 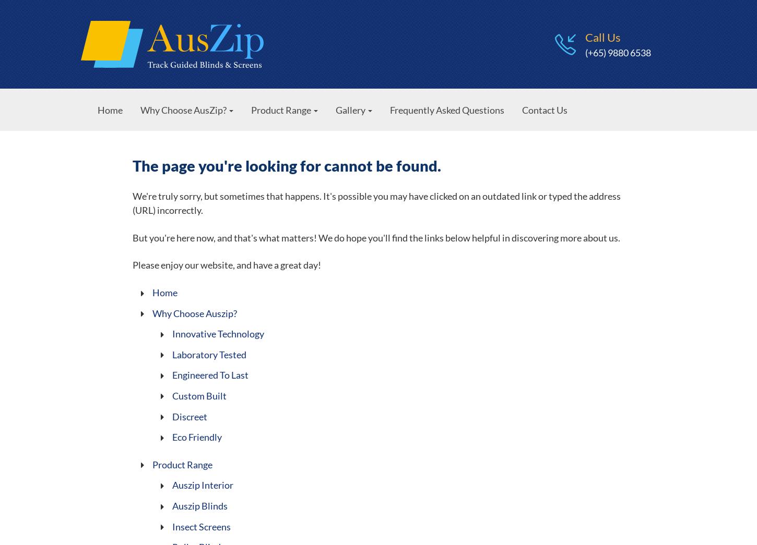 I want to click on 'Eco Friendly', so click(x=196, y=437).